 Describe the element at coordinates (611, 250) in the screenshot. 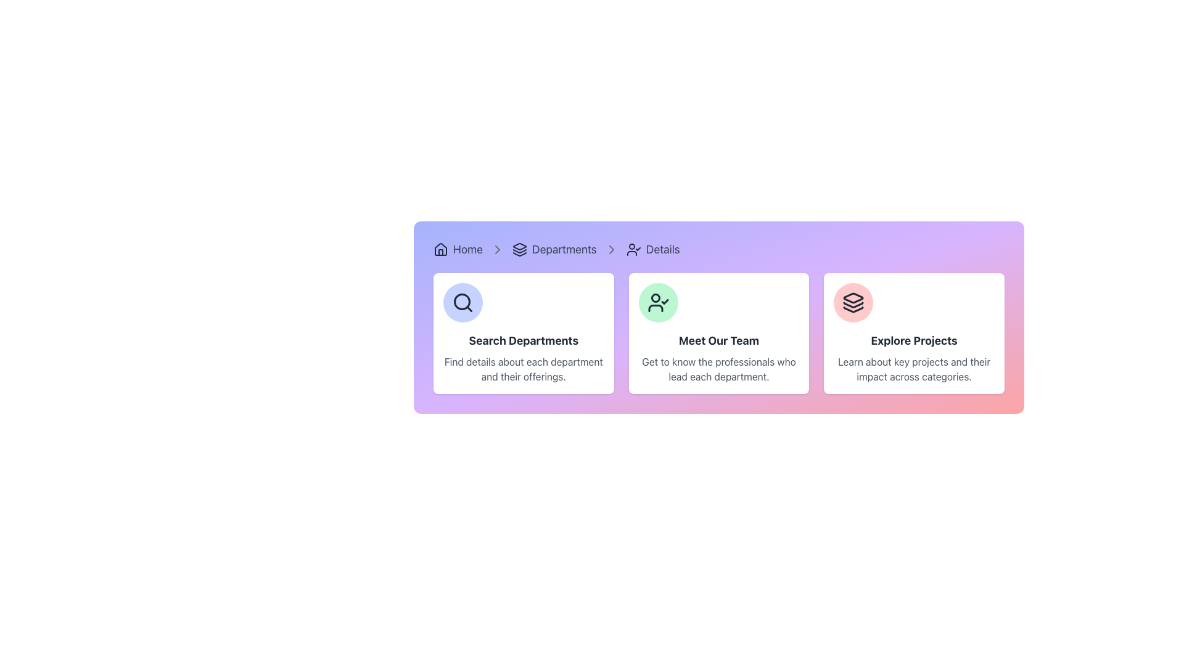

I see `the third chevron icon in the breadcrumb navigation bar, which indicates the pathway from 'Departments' to 'Details'` at that location.